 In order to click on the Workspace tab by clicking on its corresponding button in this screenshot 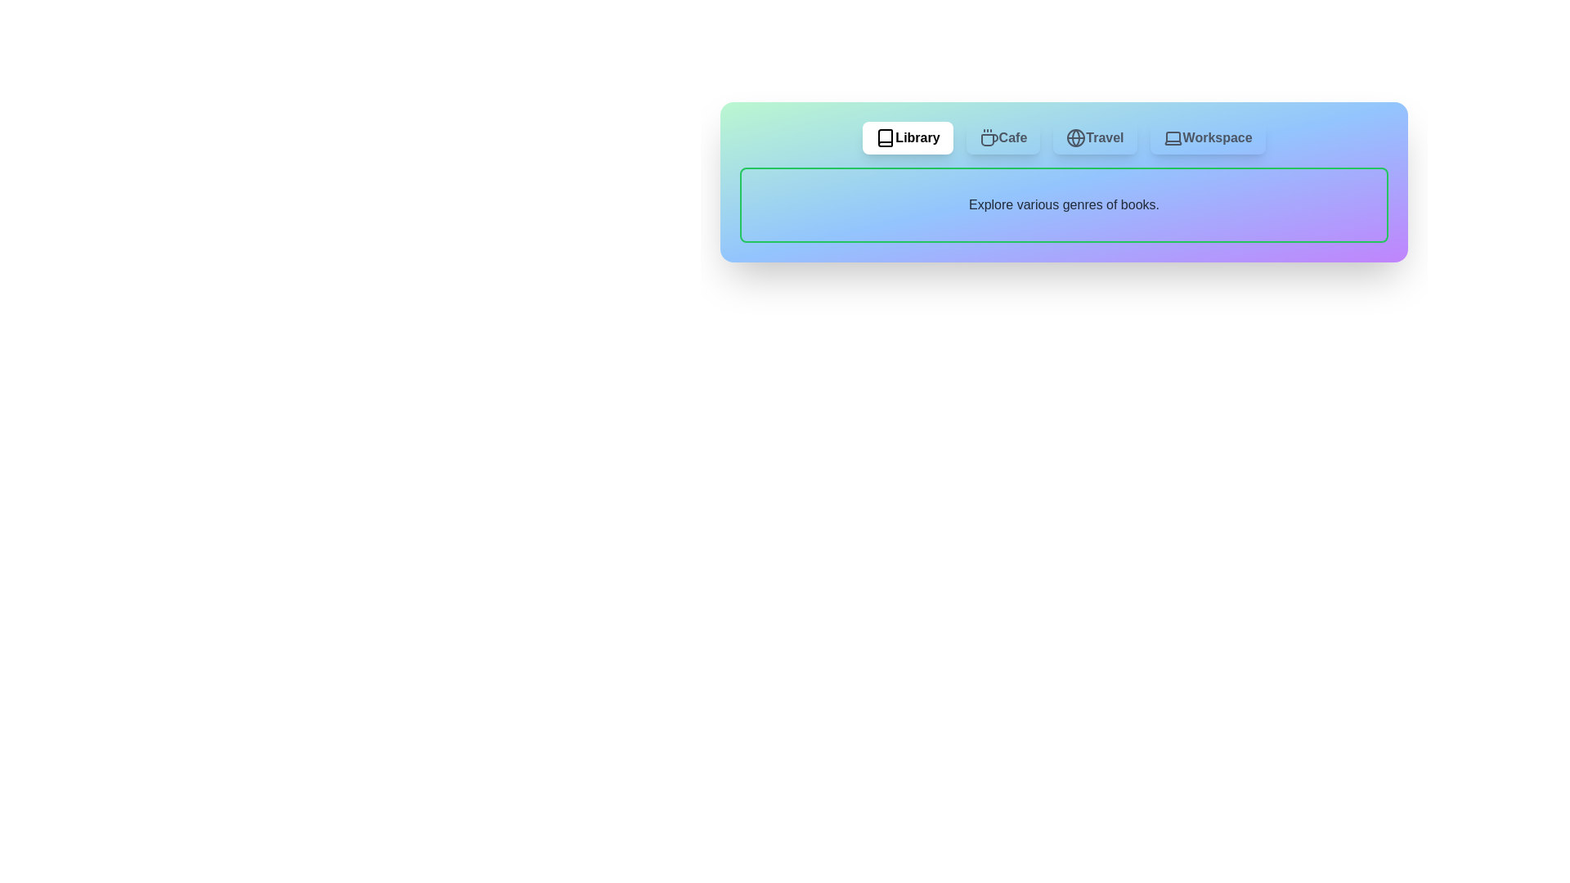, I will do `click(1208, 137)`.